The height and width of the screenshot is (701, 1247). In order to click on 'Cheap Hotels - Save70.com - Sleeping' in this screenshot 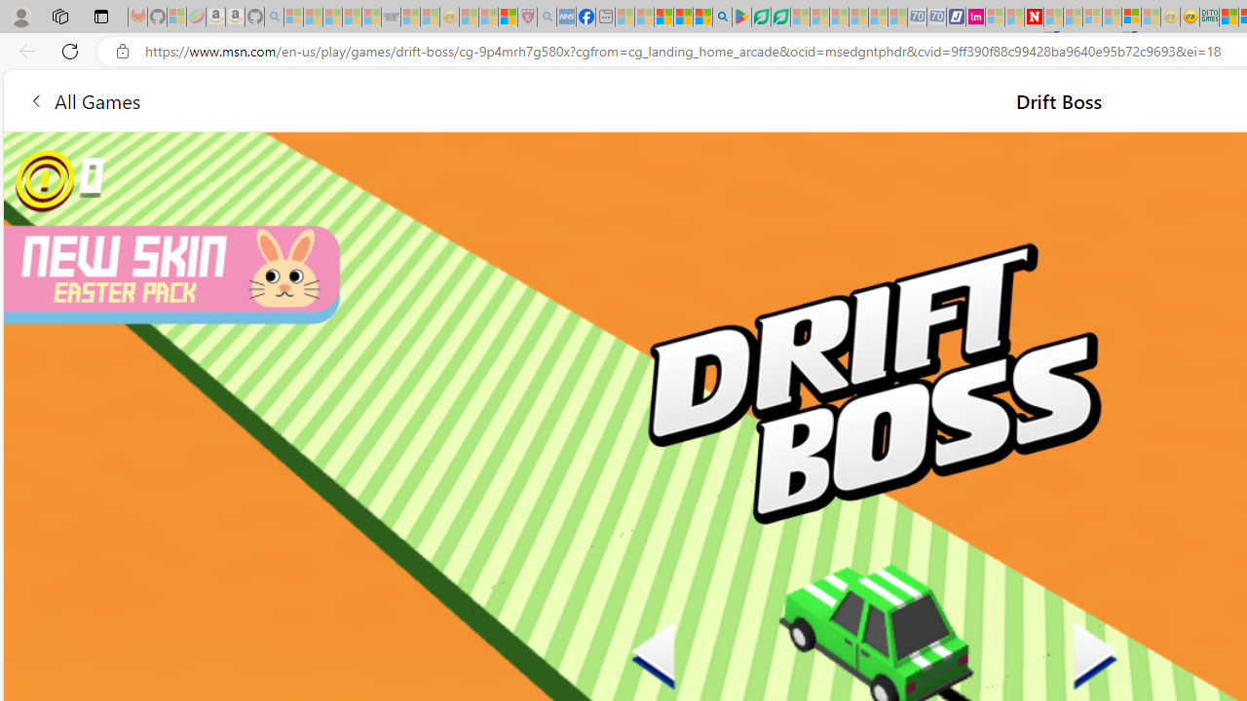, I will do `click(936, 17)`.